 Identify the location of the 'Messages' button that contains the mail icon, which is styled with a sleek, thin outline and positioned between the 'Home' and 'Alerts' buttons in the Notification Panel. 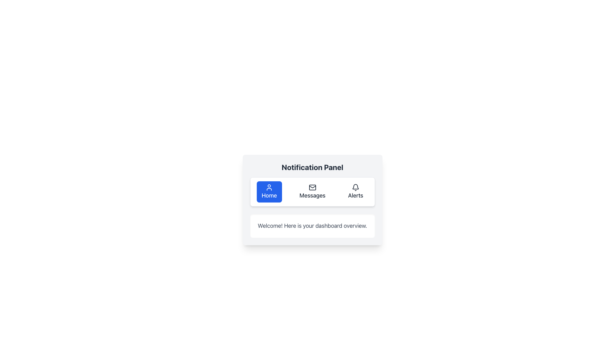
(312, 187).